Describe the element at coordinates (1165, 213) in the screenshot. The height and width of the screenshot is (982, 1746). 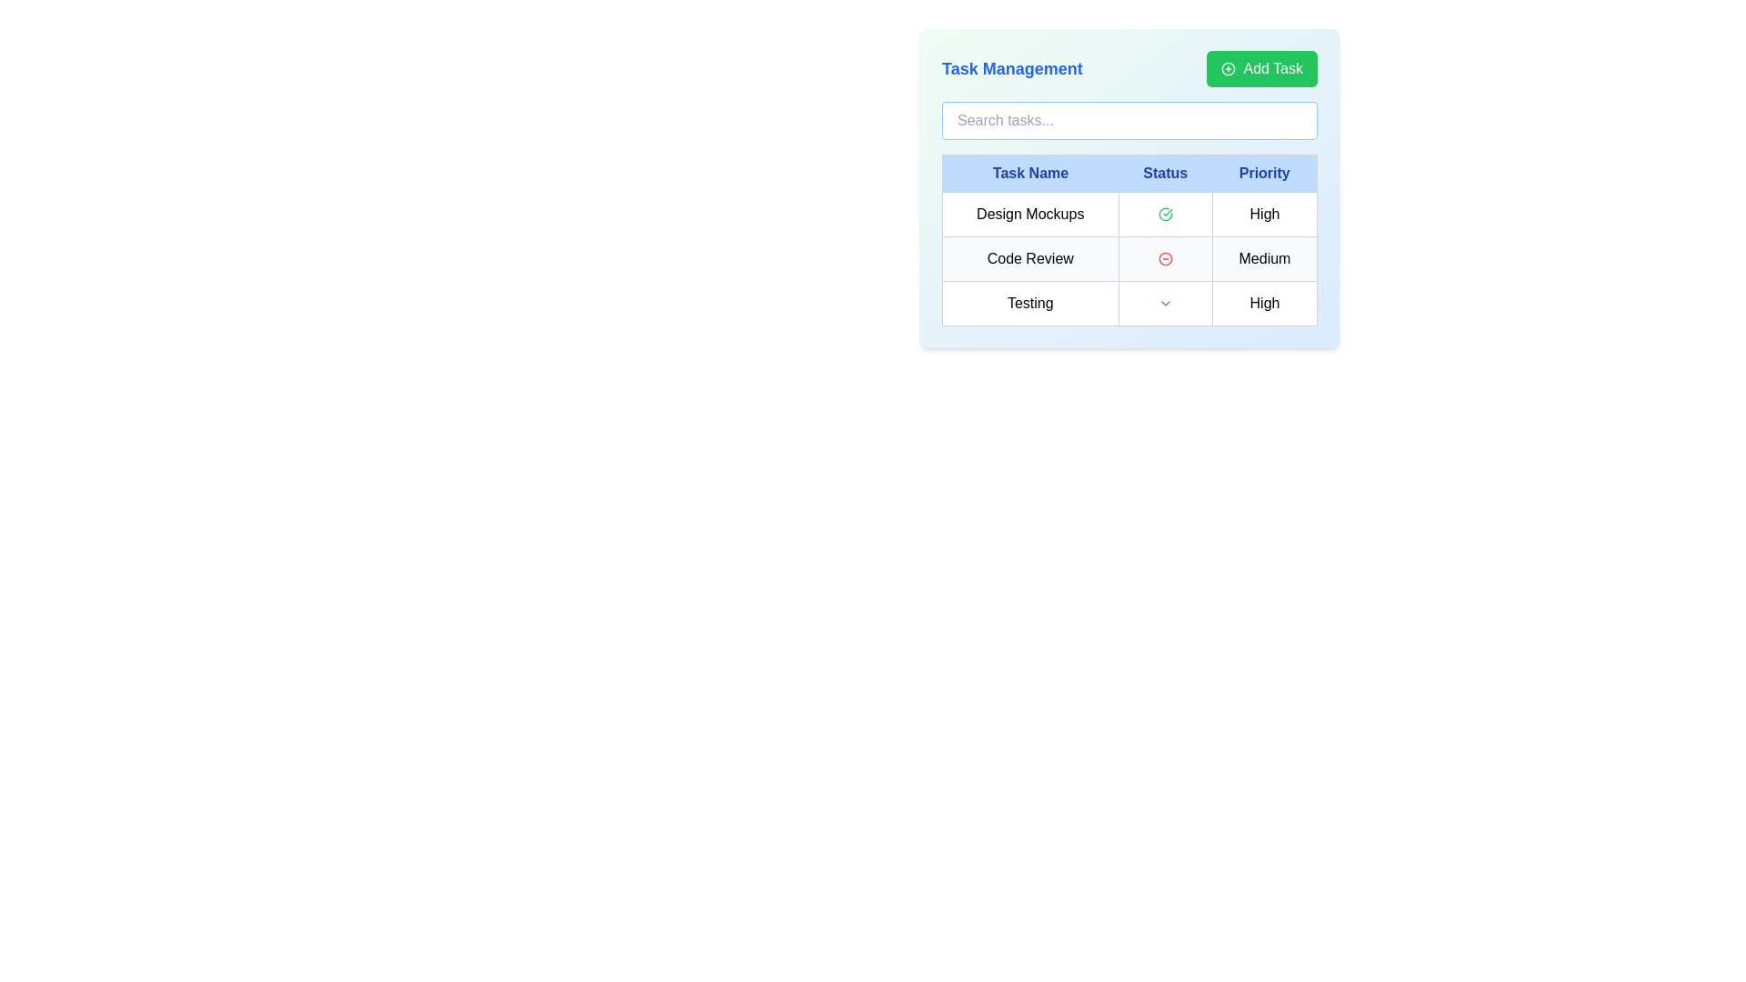
I see `the circular checkmark icon with a green stroke color, located in the second column of the first row under the 'Status' column, associated with the 'Design Mockups' task entry` at that location.